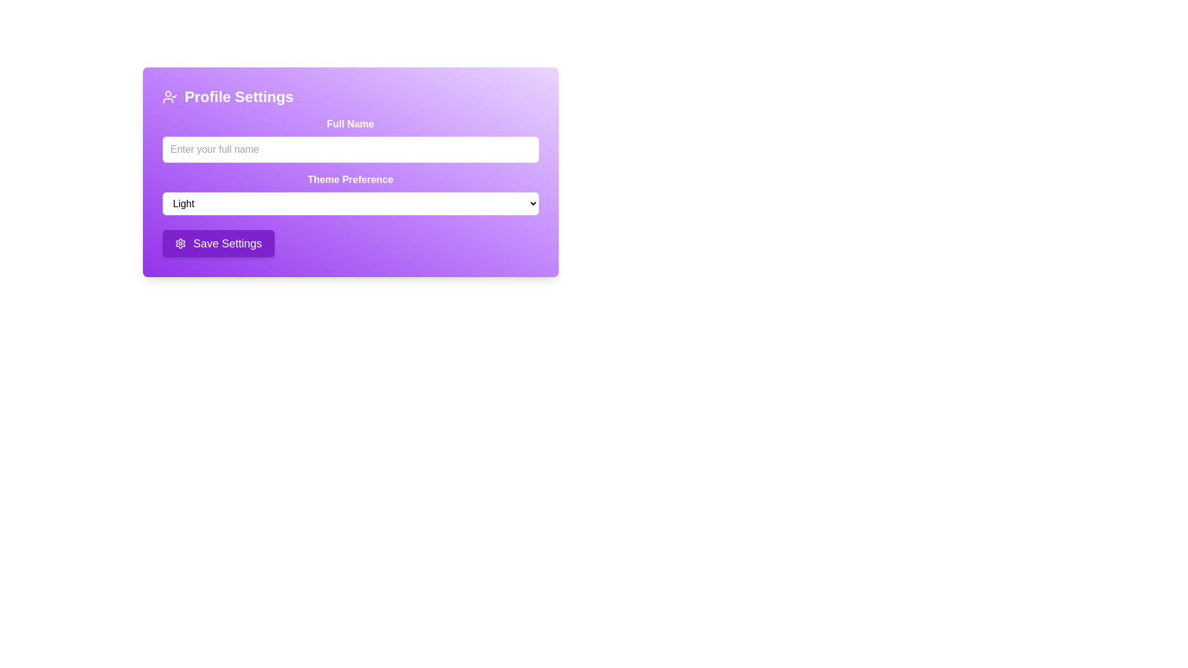  Describe the element at coordinates (218, 243) in the screenshot. I see `the 'Save Settings' button, which has a purple background and white bold text, located at the bottom of the 'Profile Settings' section` at that location.